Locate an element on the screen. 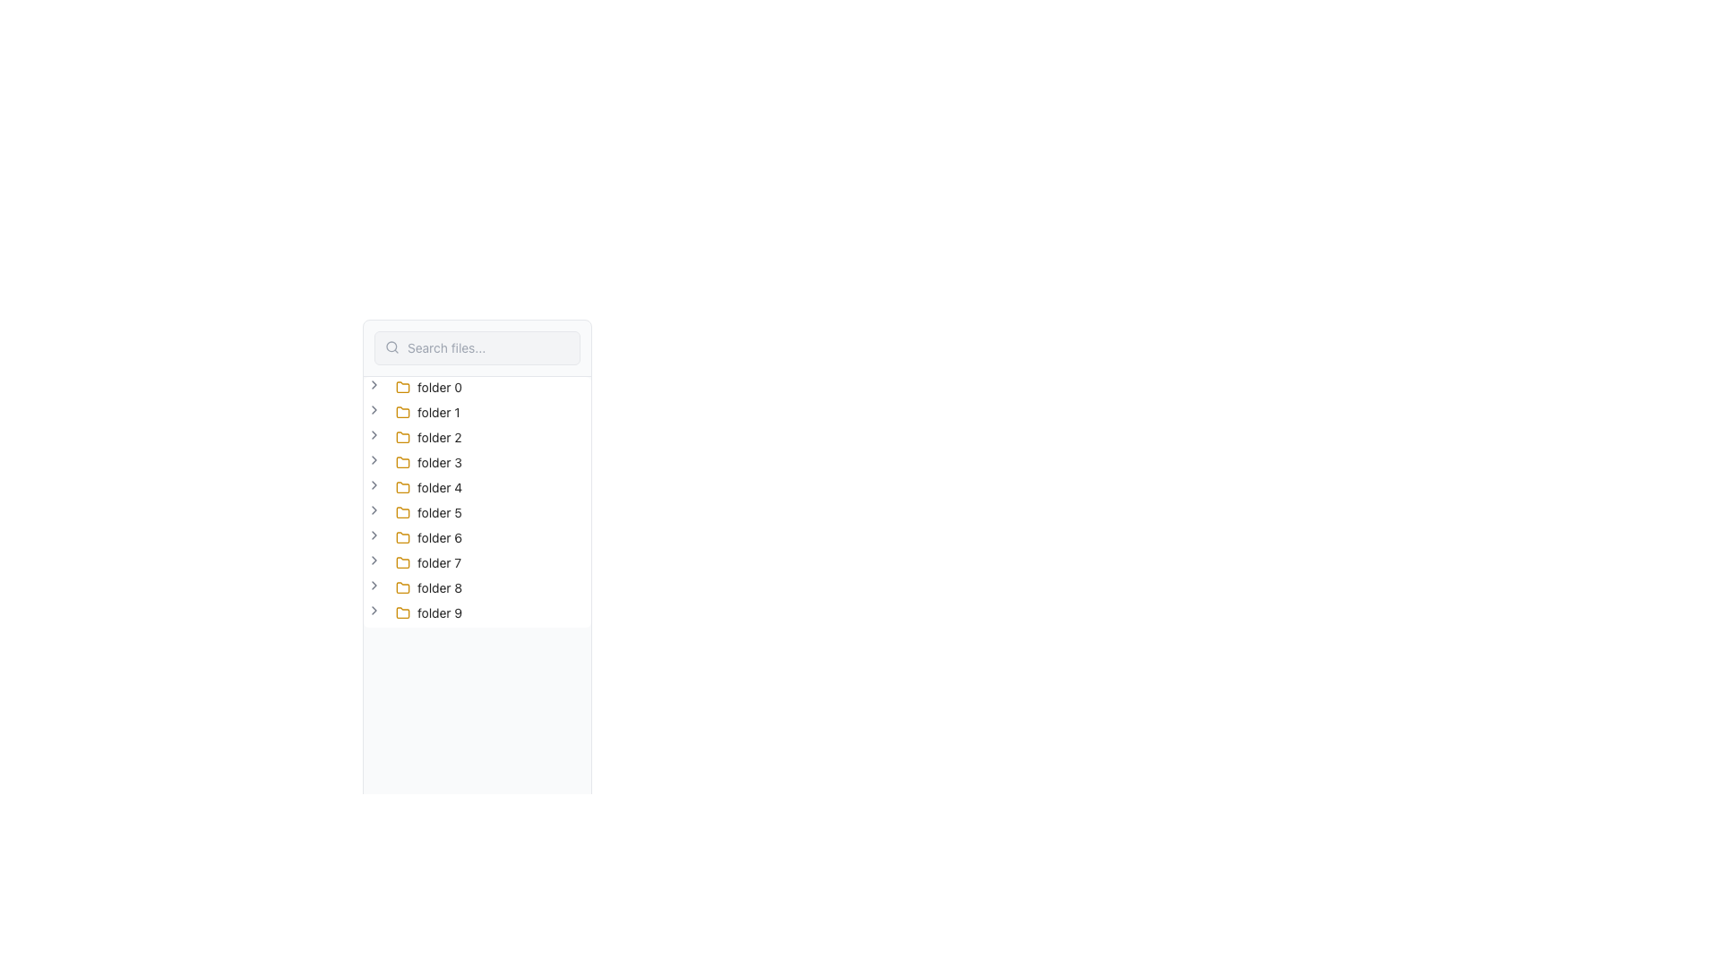  the text label 'folder 6' in the tree navigation menu, which is styled in a standard sans-serif font and is the 7th entry in the list is located at coordinates (428, 537).